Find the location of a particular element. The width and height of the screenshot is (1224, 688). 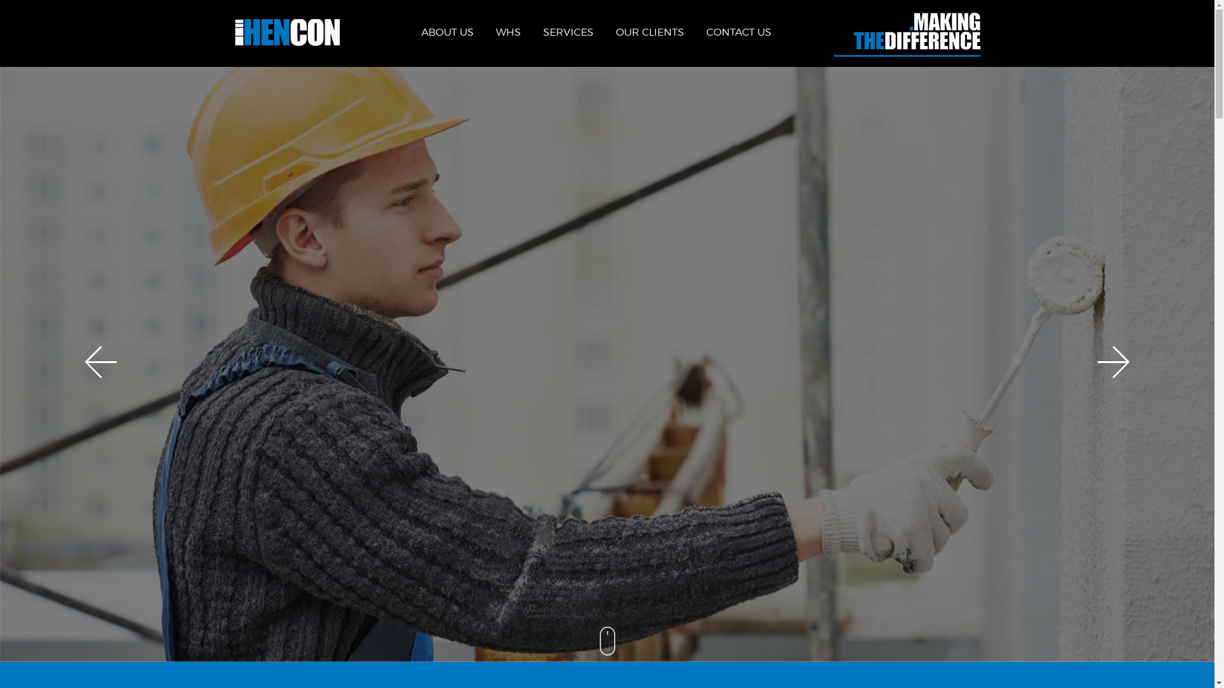

'NEXT' is located at coordinates (1113, 362).